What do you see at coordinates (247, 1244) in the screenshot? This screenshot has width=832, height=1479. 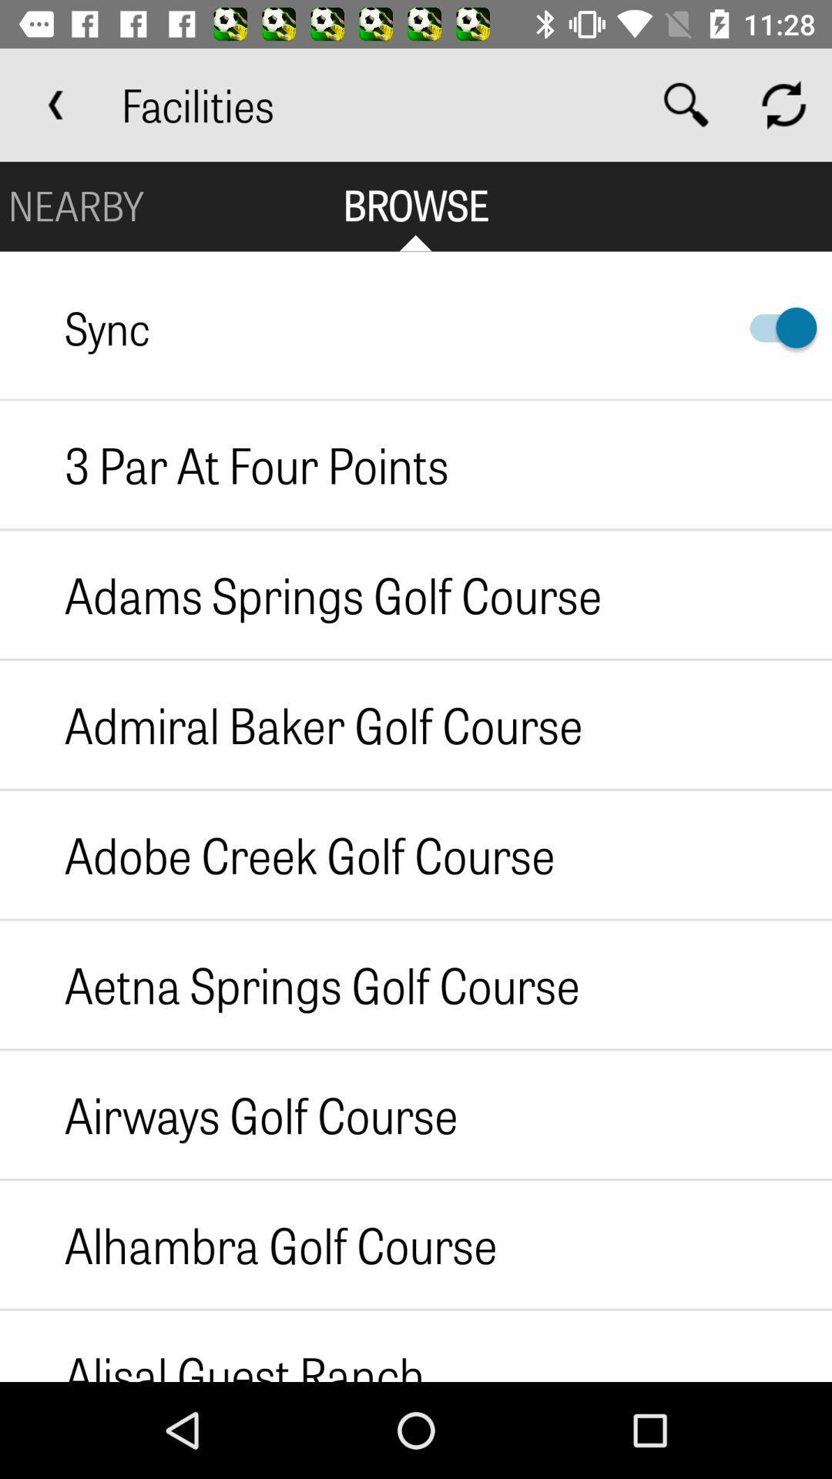 I see `item below the airways golf course` at bounding box center [247, 1244].